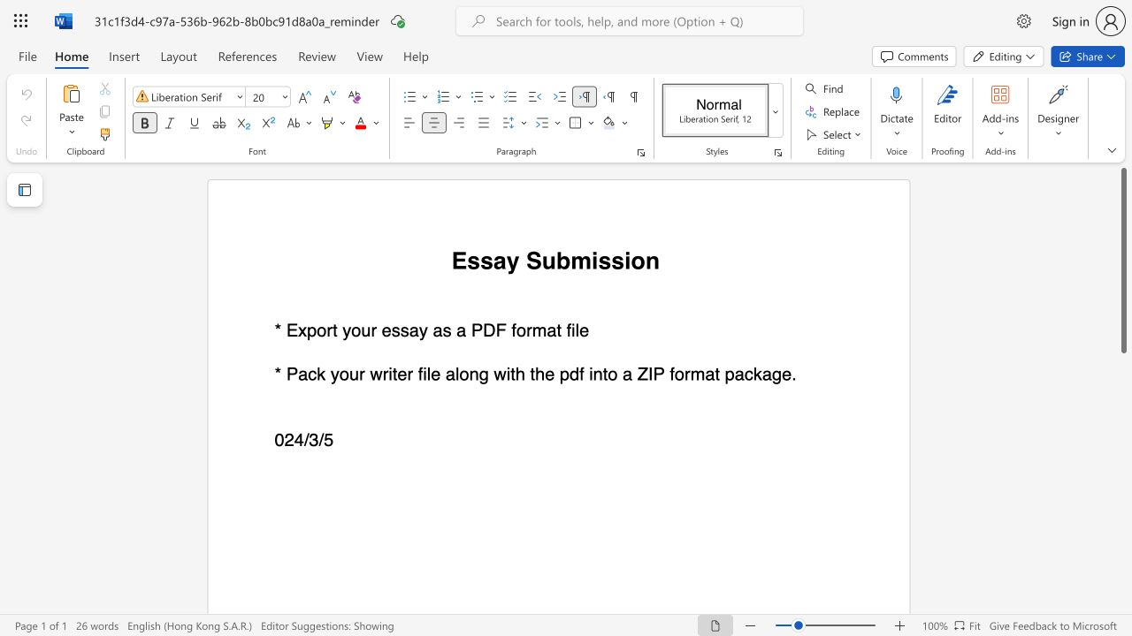  What do you see at coordinates (684, 373) in the screenshot?
I see `the subset text "rmat p" within the text "Pack your writer file along with the pdf into a ZIP format package."` at bounding box center [684, 373].